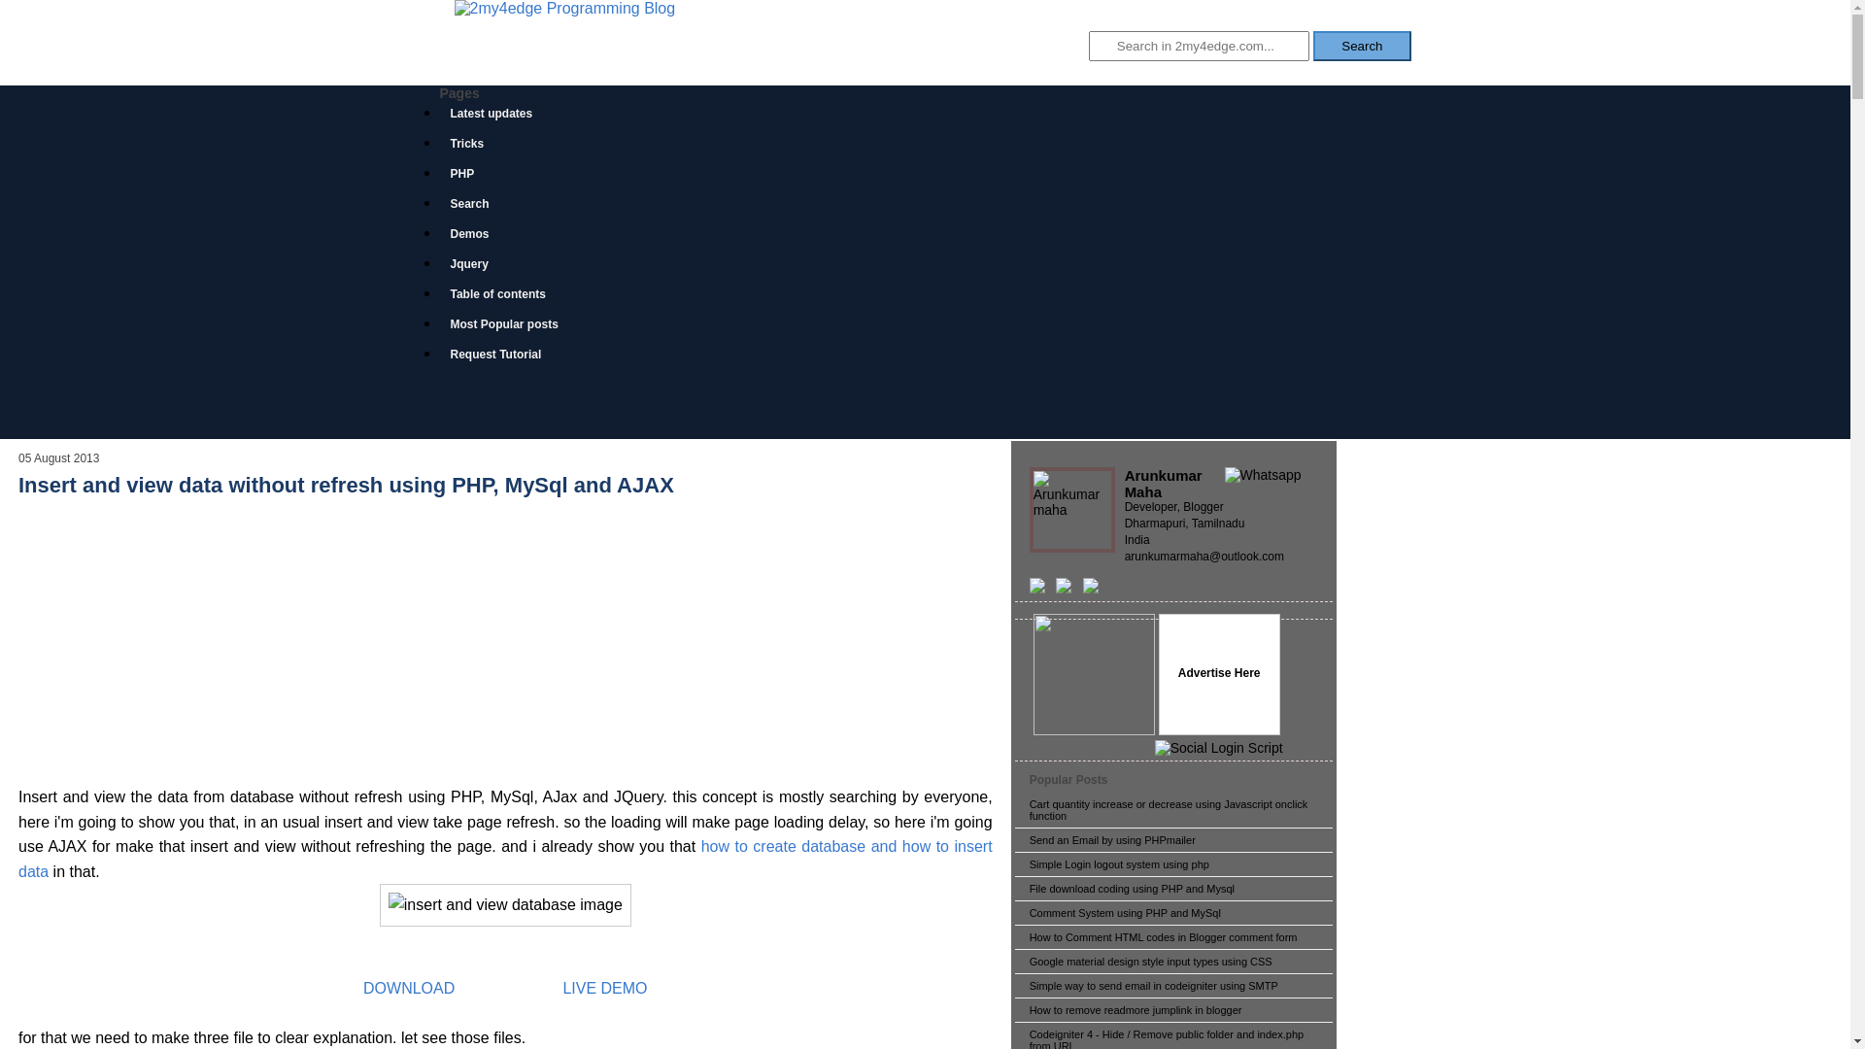  I want to click on 'arunkumarmaha@outlook.com', so click(1203, 557).